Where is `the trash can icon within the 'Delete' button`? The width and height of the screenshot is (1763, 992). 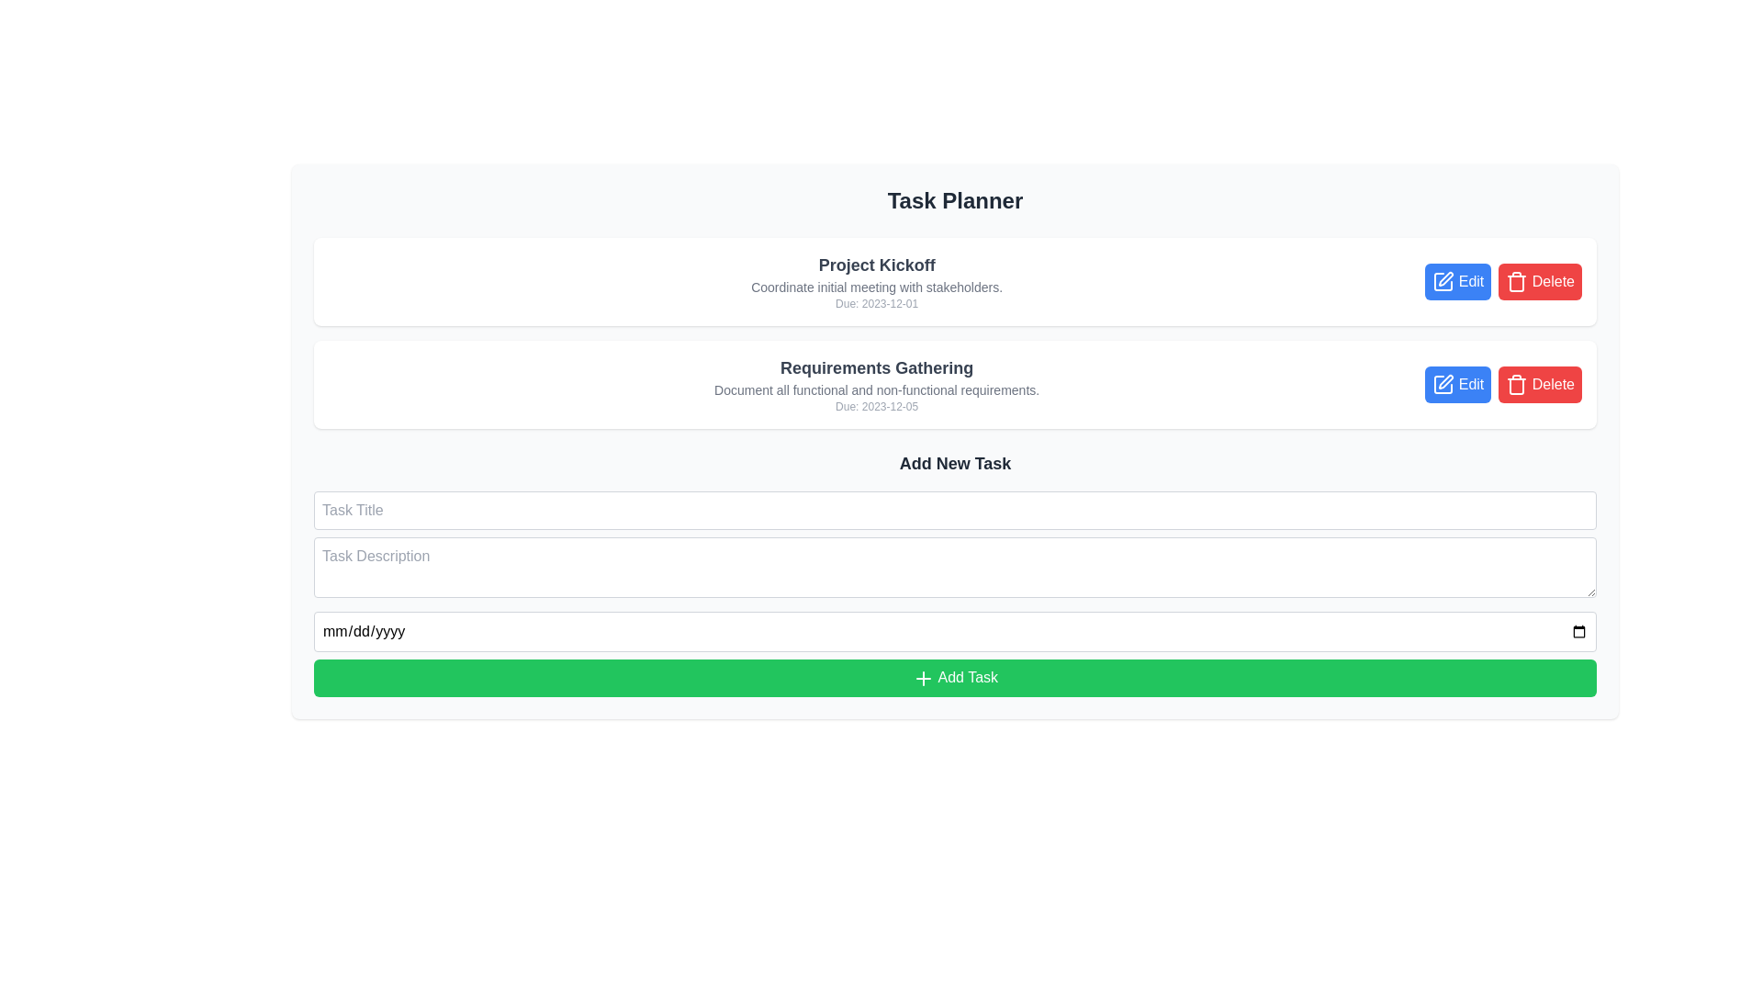
the trash can icon within the 'Delete' button is located at coordinates (1517, 384).